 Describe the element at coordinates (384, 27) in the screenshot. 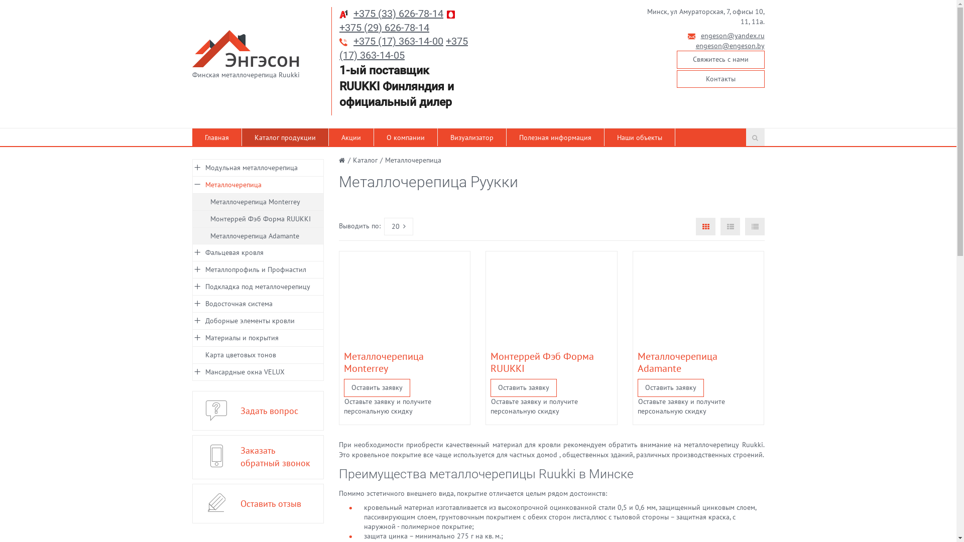

I see `'+375 (29) 626-78-14'` at that location.